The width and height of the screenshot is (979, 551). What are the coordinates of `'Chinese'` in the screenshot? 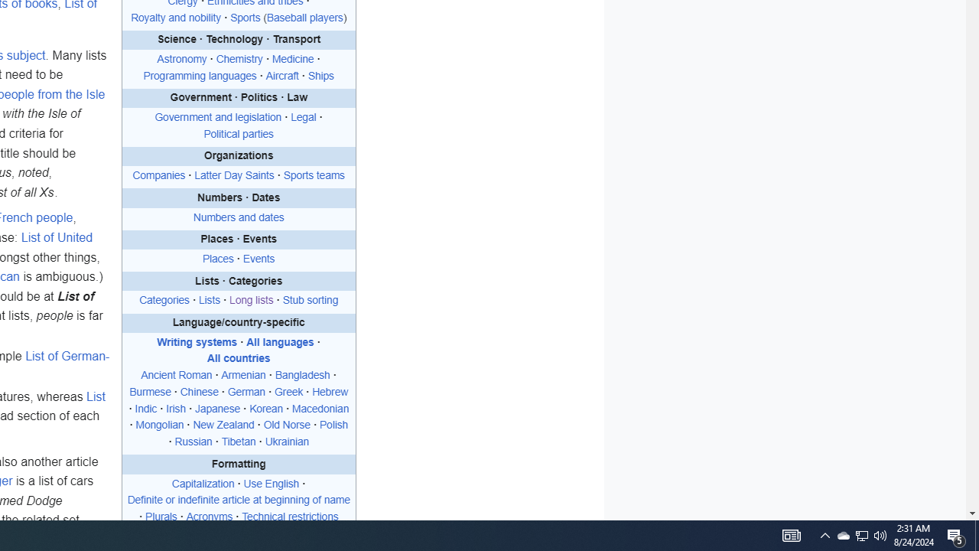 It's located at (198, 390).